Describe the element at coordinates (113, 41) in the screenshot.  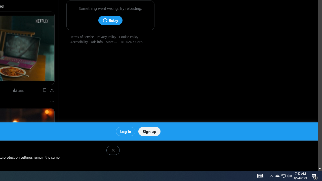
I see `'More'` at that location.